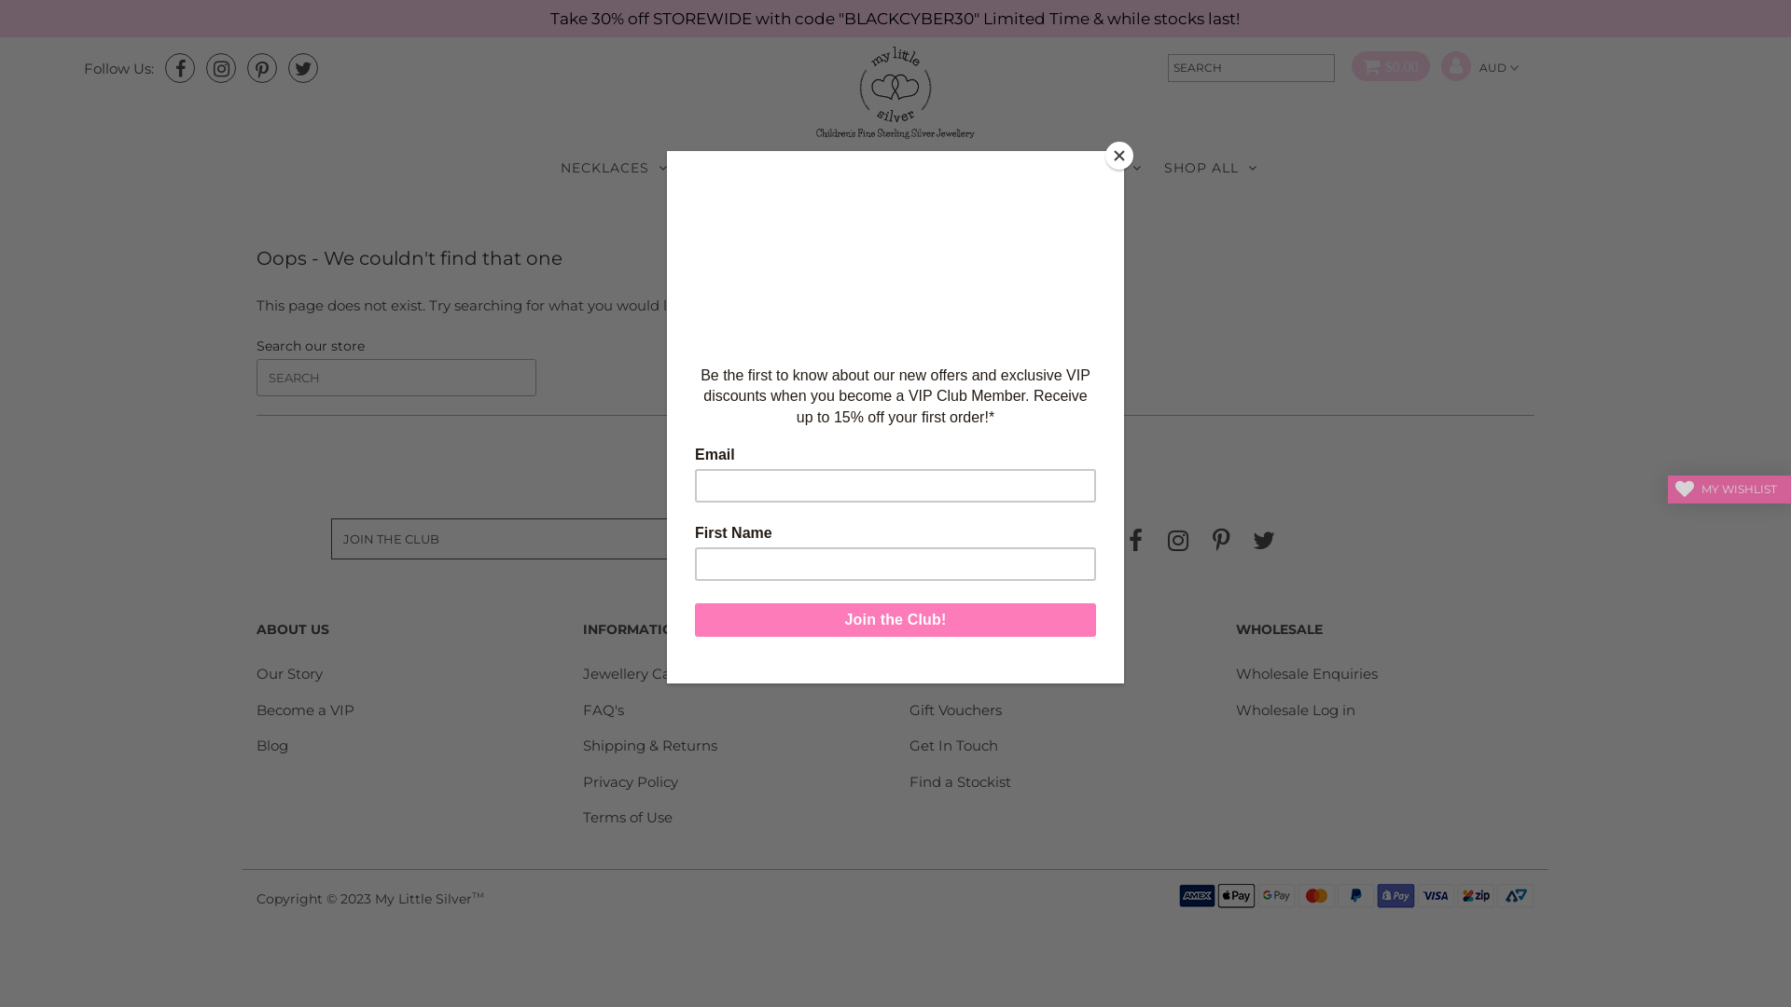 The image size is (1791, 1007). What do you see at coordinates (815, 215) in the screenshot?
I see `'HOME'` at bounding box center [815, 215].